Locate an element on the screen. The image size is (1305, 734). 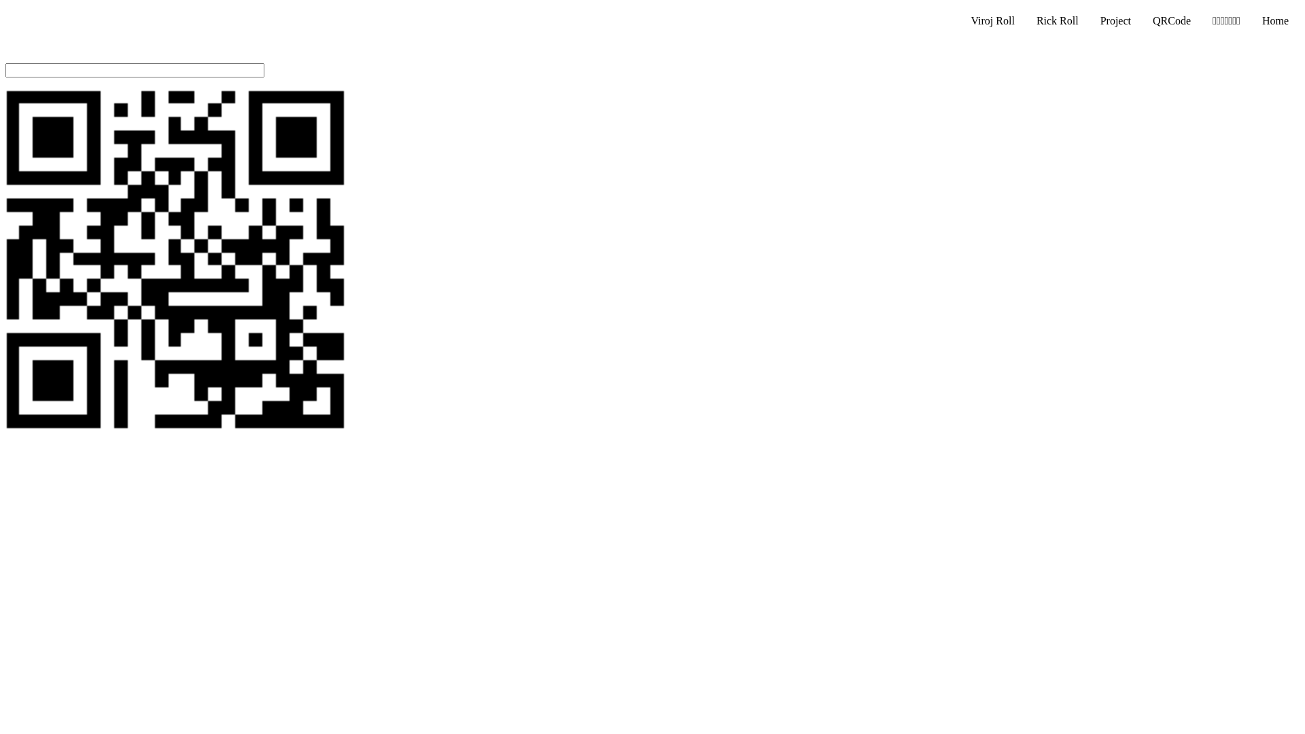
'Rick Roll' is located at coordinates (1056, 20).